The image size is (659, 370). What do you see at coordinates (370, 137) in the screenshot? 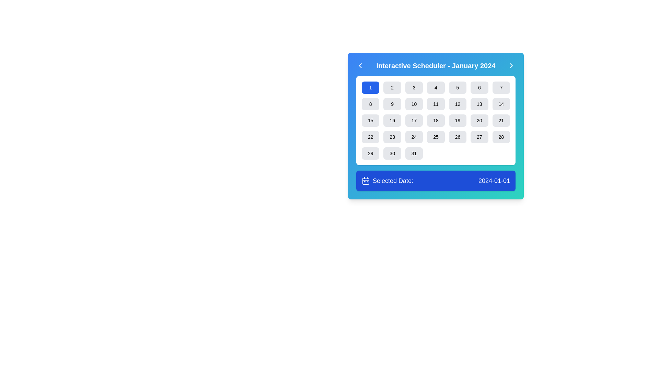
I see `the button representing the 22nd day in the calendar widget` at bounding box center [370, 137].